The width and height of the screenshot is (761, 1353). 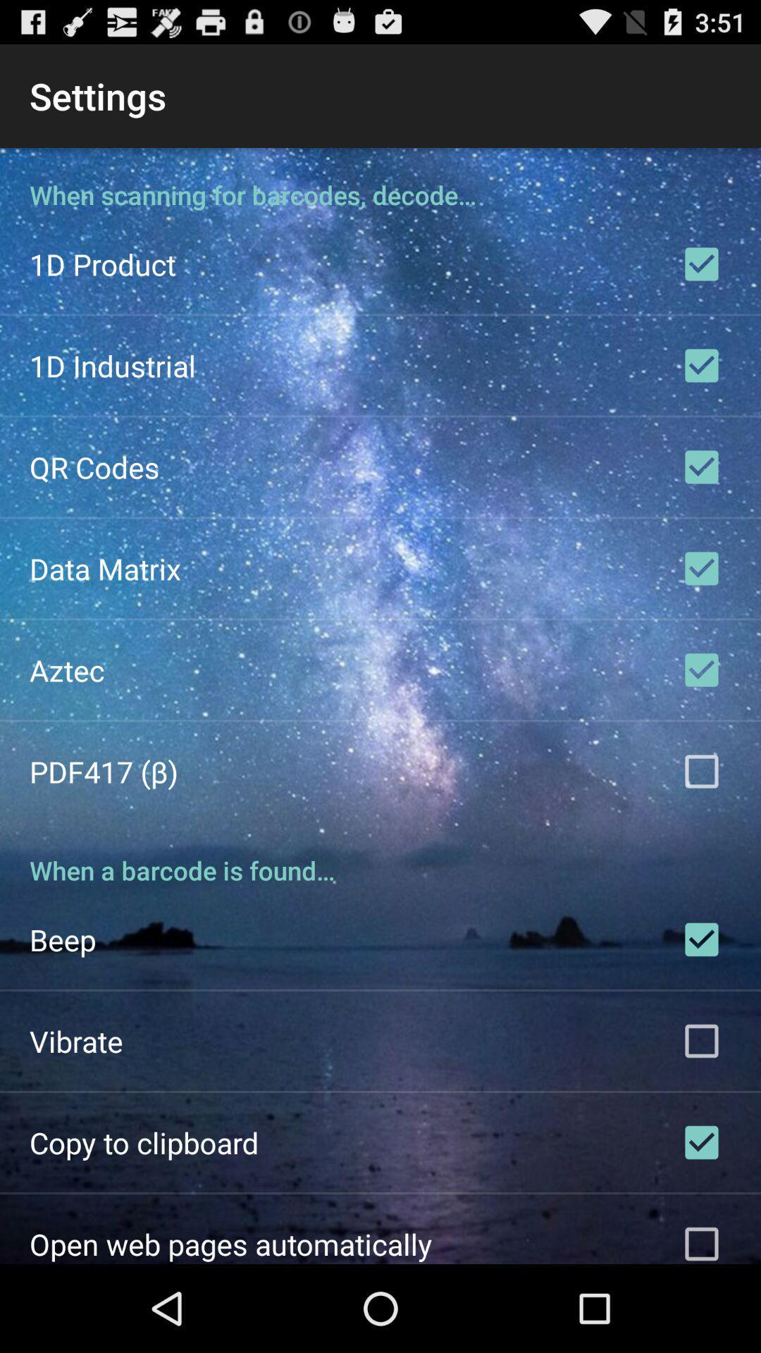 I want to click on the button at 5th row beside aztec, so click(x=701, y=669).